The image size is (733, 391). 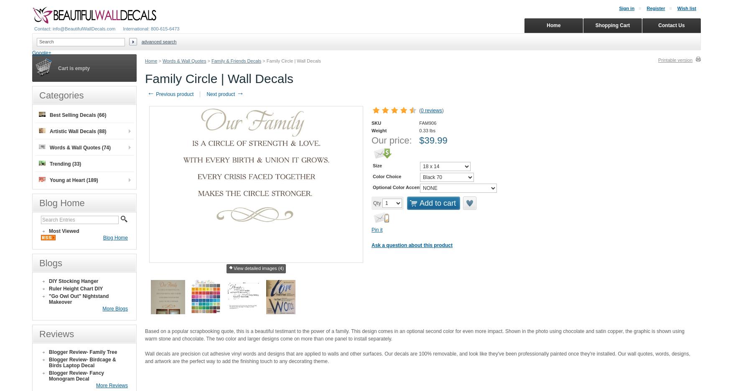 What do you see at coordinates (418, 110) in the screenshot?
I see `'('` at bounding box center [418, 110].